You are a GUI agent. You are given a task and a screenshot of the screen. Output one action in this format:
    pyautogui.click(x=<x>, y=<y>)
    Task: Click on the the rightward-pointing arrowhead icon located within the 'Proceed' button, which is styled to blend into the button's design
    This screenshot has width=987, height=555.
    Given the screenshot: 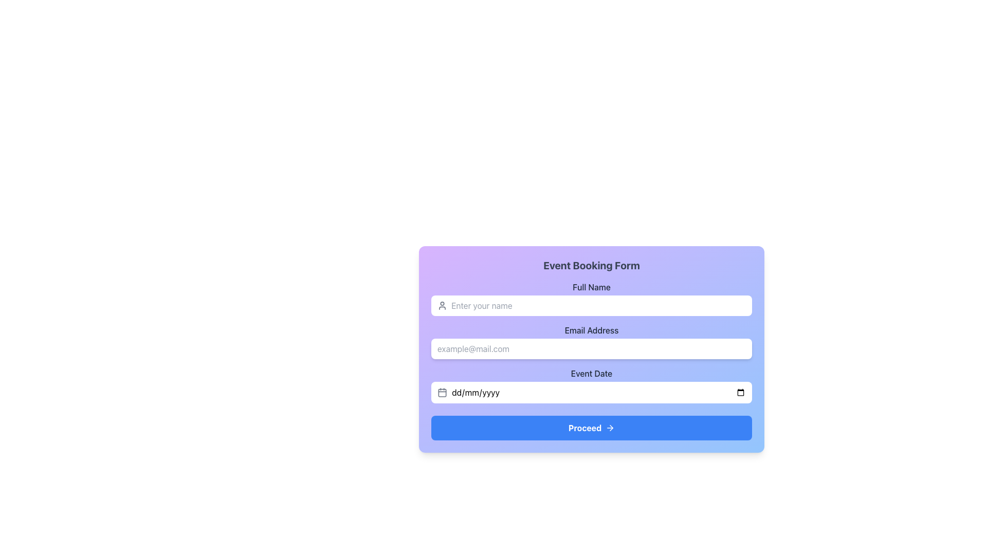 What is the action you would take?
    pyautogui.click(x=611, y=428)
    